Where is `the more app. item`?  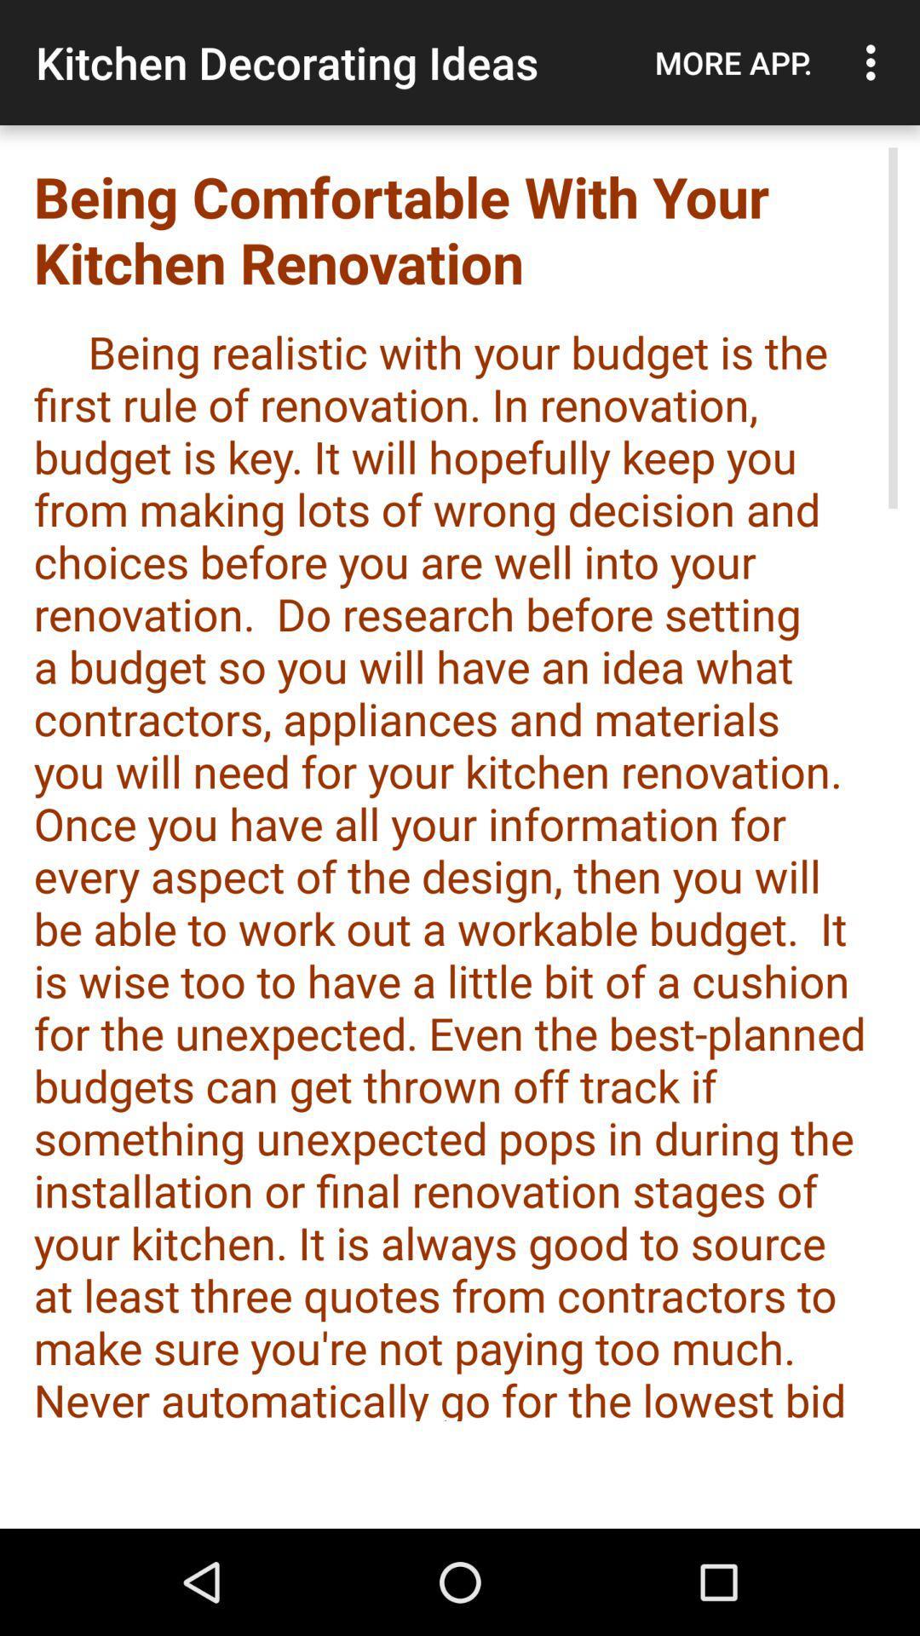
the more app. item is located at coordinates (733, 62).